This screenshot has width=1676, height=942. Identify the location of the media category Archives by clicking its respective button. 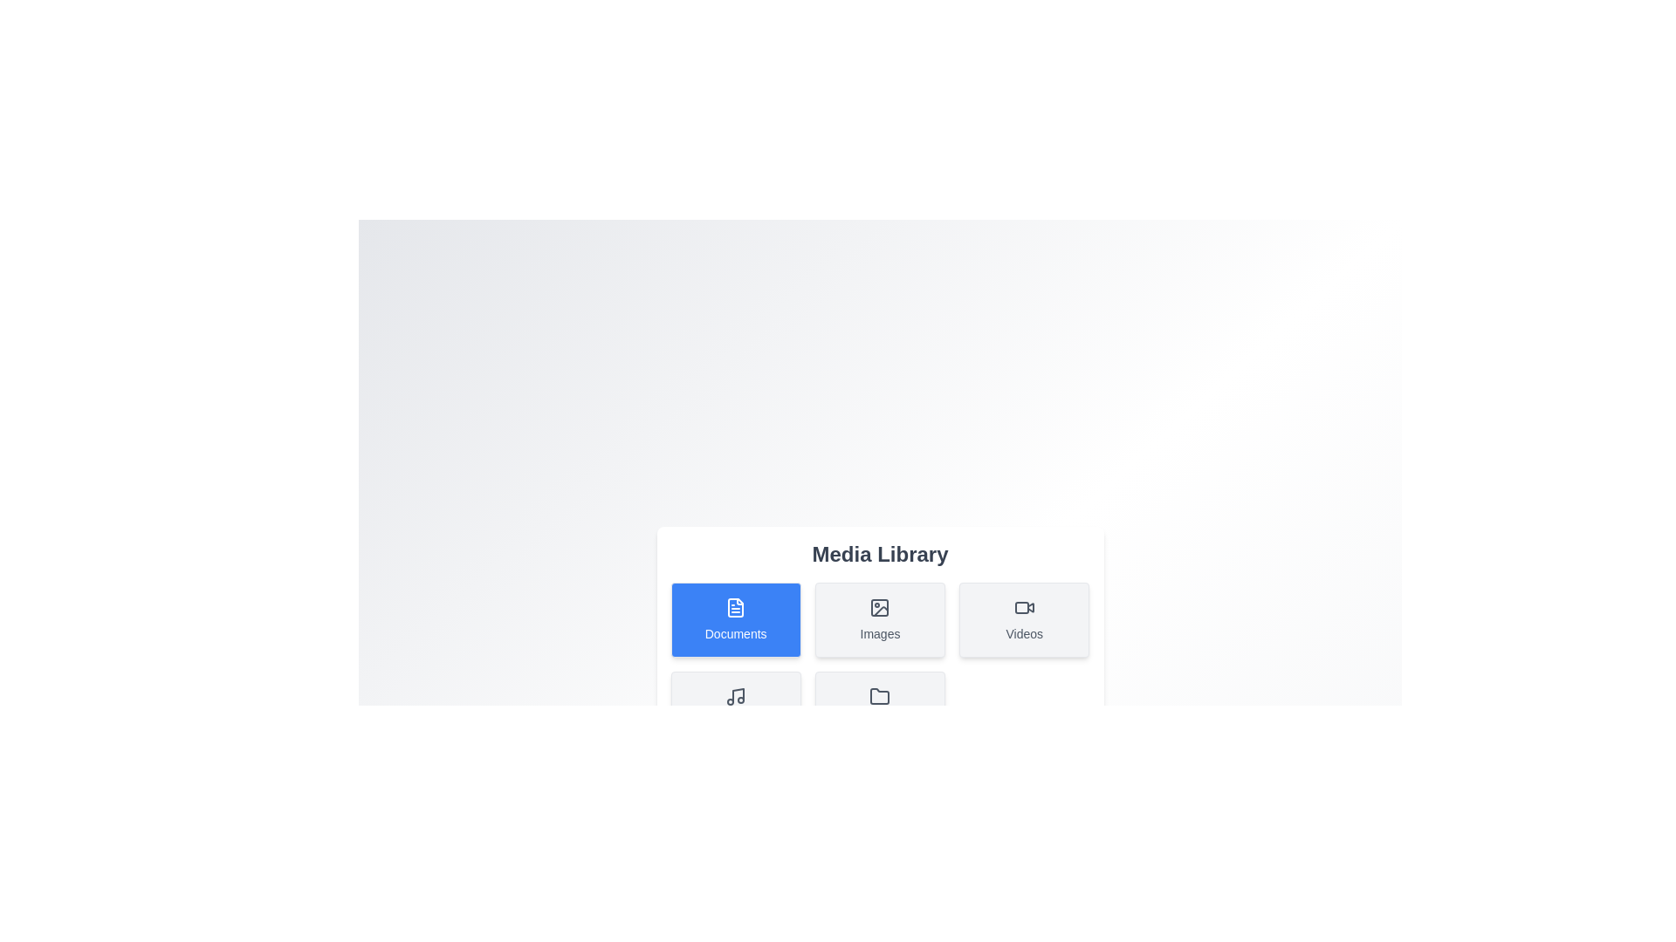
(880, 709).